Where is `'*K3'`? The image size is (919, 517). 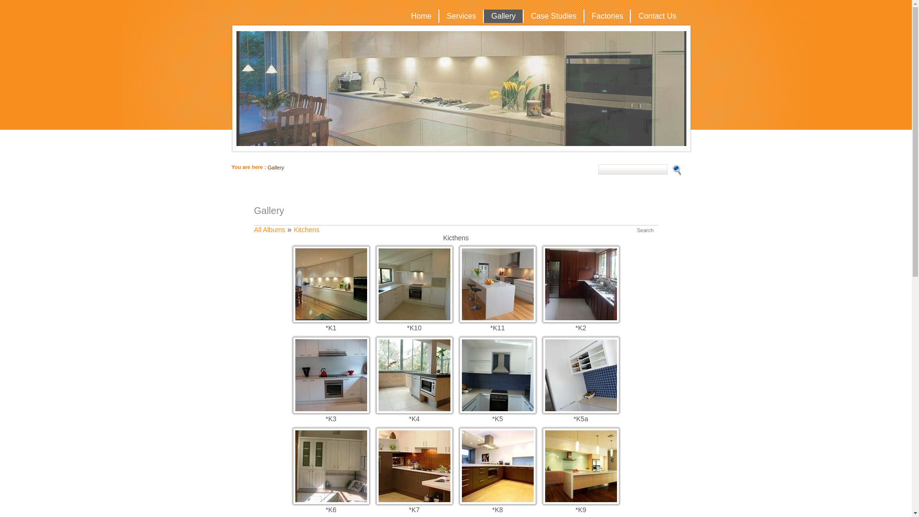
'*K3' is located at coordinates (331, 410).